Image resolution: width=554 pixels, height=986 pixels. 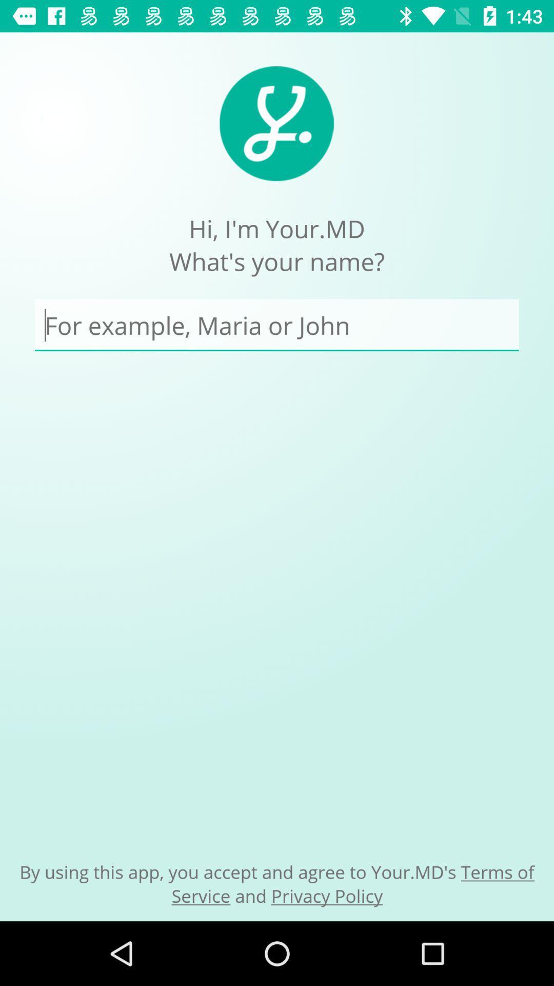 I want to click on by using this icon, so click(x=277, y=883).